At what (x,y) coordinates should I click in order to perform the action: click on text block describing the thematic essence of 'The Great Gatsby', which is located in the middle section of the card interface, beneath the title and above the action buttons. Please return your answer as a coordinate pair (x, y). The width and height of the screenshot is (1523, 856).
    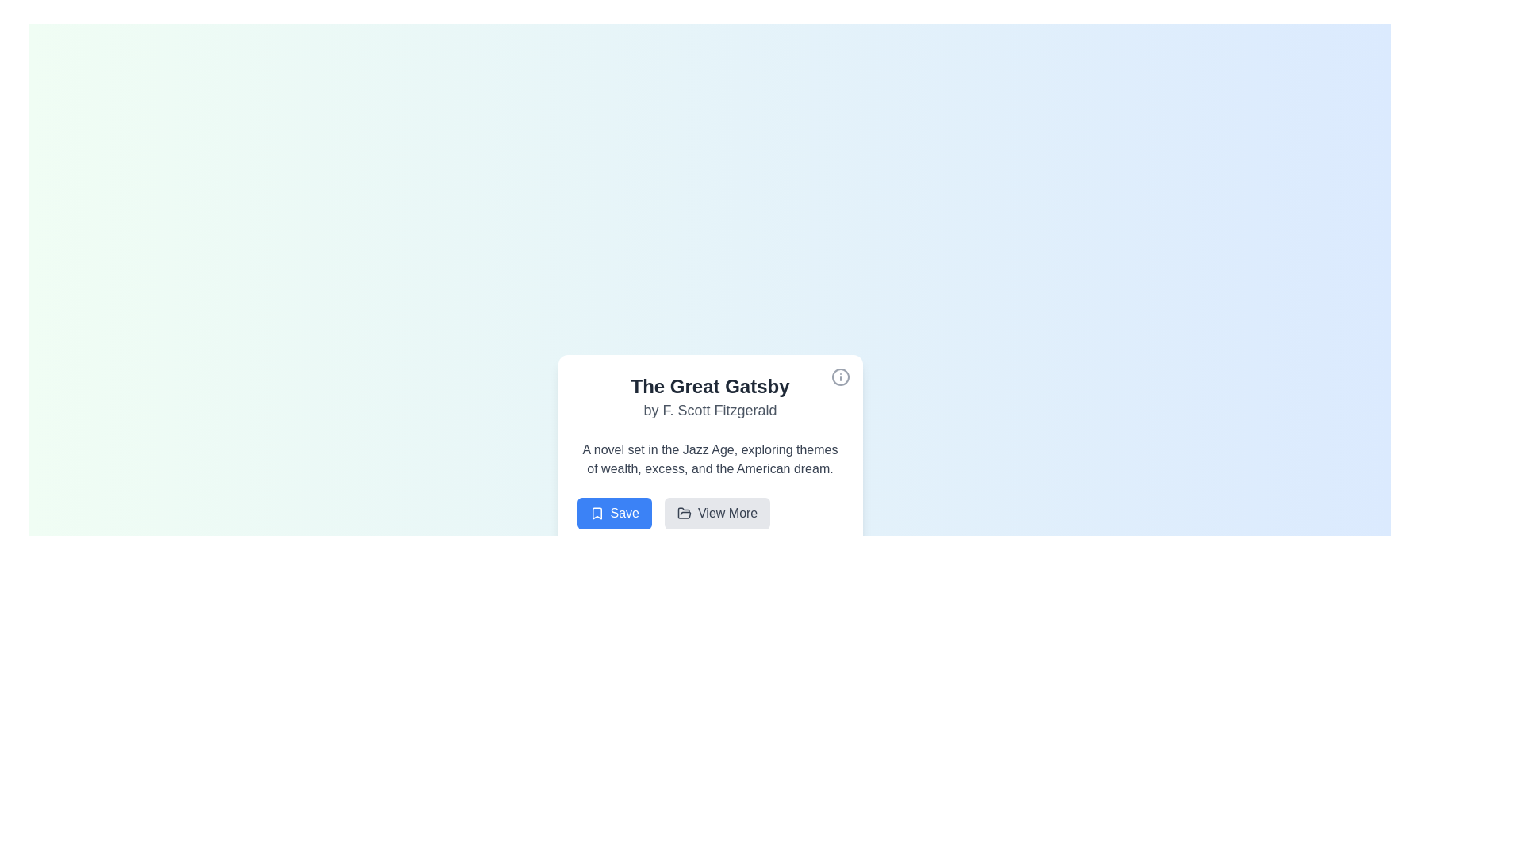
    Looking at the image, I should click on (709, 459).